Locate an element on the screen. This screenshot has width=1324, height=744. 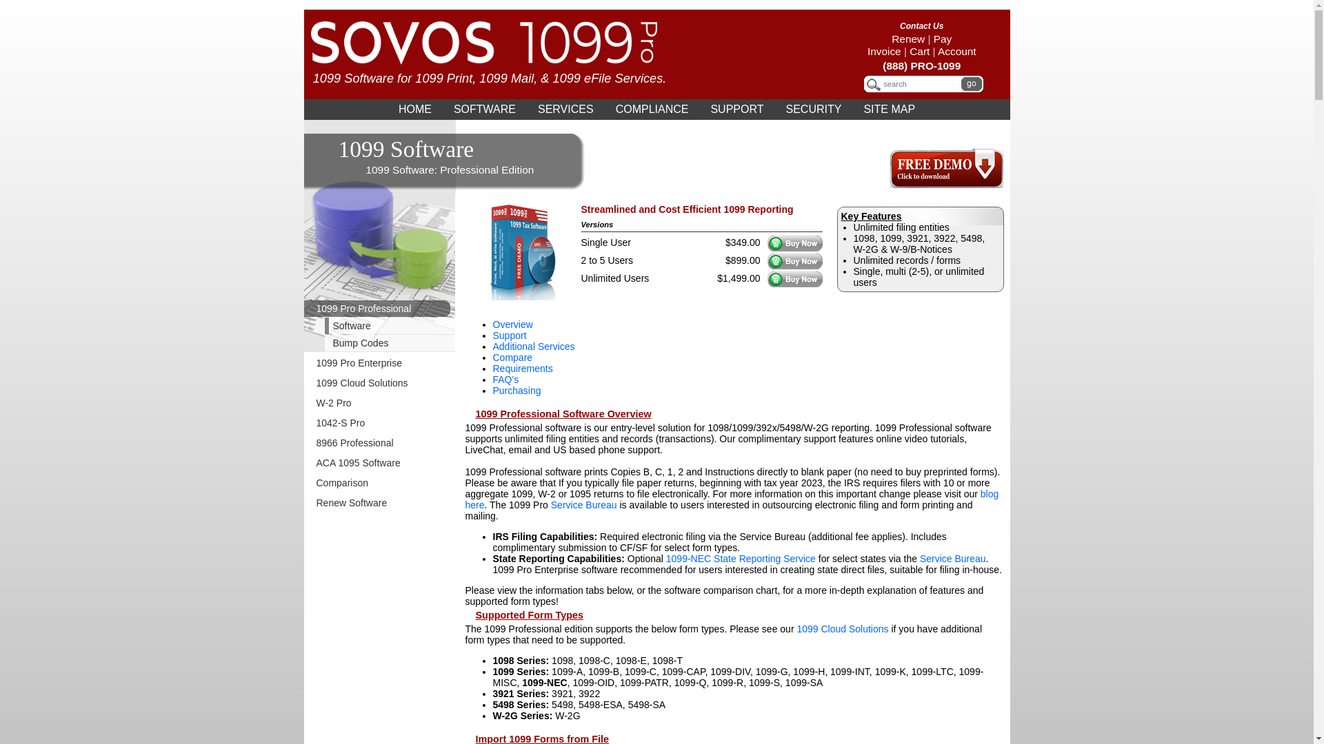
'Bump Codes' is located at coordinates (386, 342).